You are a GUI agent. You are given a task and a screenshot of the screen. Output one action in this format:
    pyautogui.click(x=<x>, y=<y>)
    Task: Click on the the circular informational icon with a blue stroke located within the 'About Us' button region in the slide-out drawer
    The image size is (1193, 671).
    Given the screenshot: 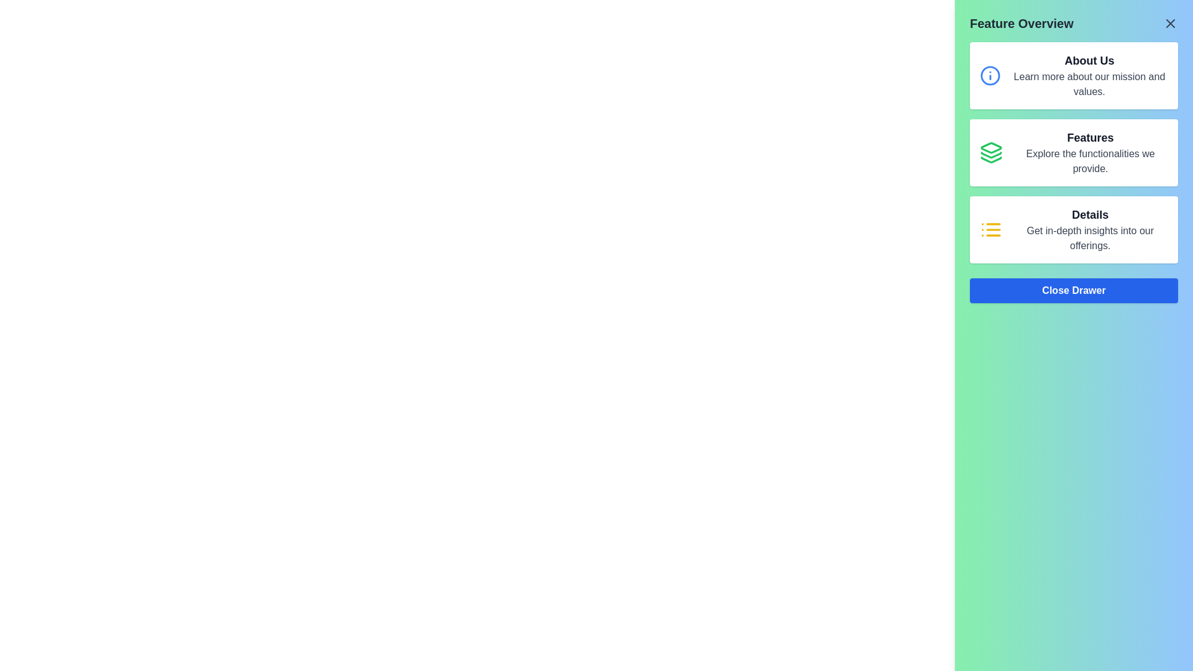 What is the action you would take?
    pyautogui.click(x=989, y=76)
    